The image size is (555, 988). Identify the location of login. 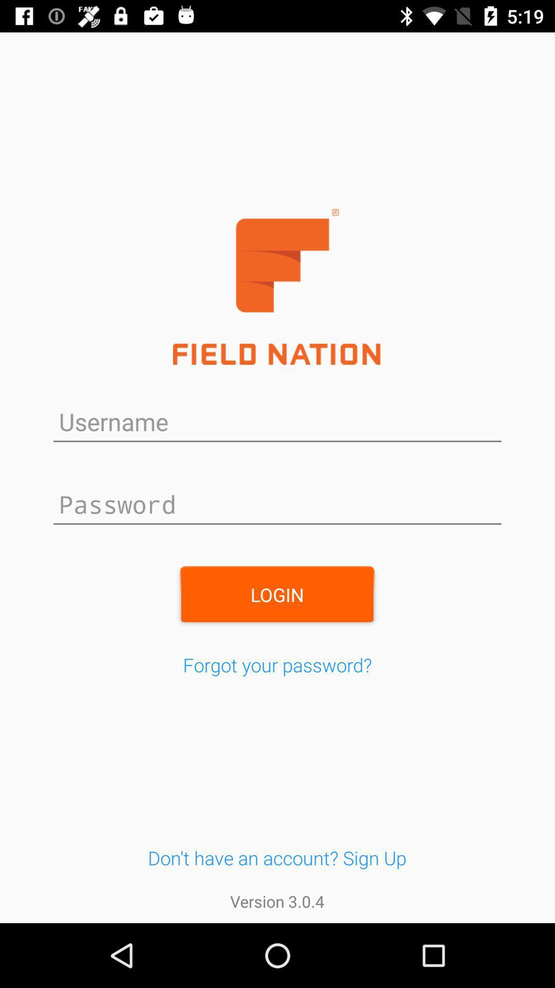
(276, 594).